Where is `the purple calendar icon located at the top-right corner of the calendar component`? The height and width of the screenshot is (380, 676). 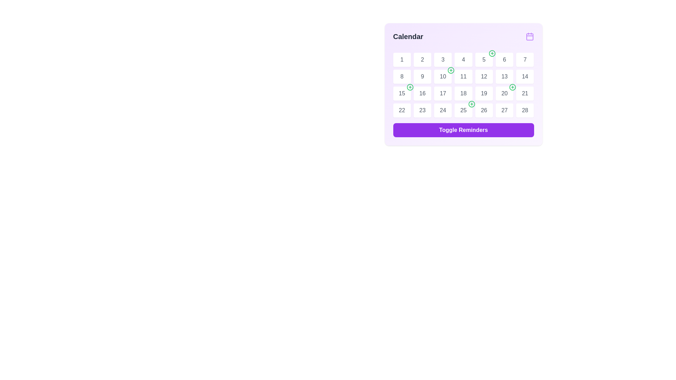
the purple calendar icon located at the top-right corner of the calendar component is located at coordinates (530, 37).